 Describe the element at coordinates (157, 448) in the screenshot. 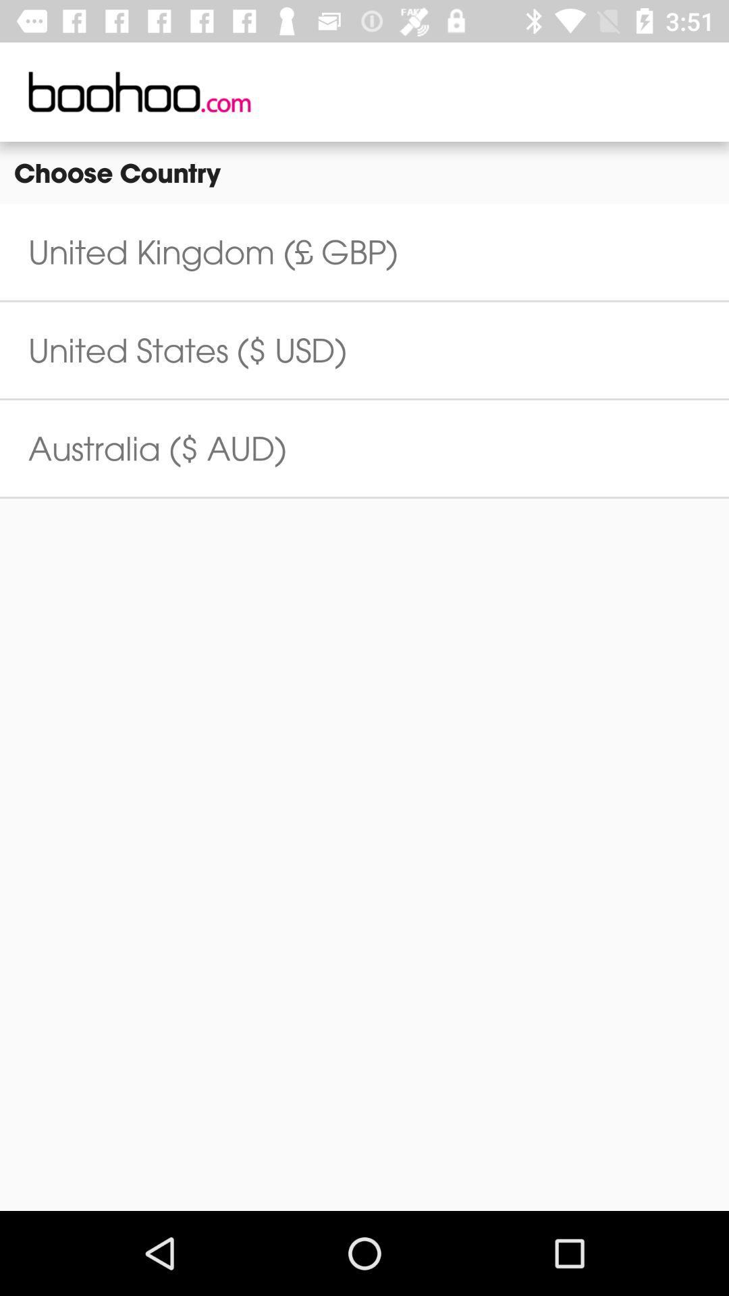

I see `australia ($ aud) item` at that location.